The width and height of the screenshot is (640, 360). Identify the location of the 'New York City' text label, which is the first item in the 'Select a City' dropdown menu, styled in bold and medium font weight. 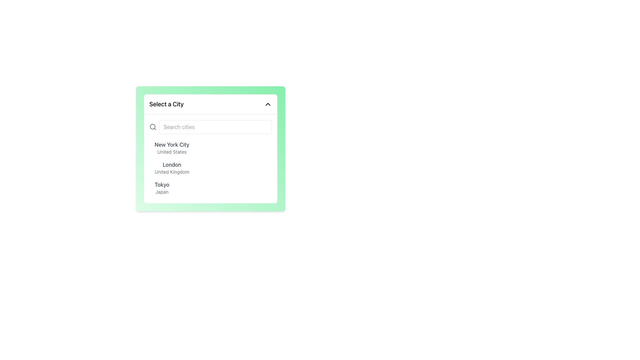
(172, 147).